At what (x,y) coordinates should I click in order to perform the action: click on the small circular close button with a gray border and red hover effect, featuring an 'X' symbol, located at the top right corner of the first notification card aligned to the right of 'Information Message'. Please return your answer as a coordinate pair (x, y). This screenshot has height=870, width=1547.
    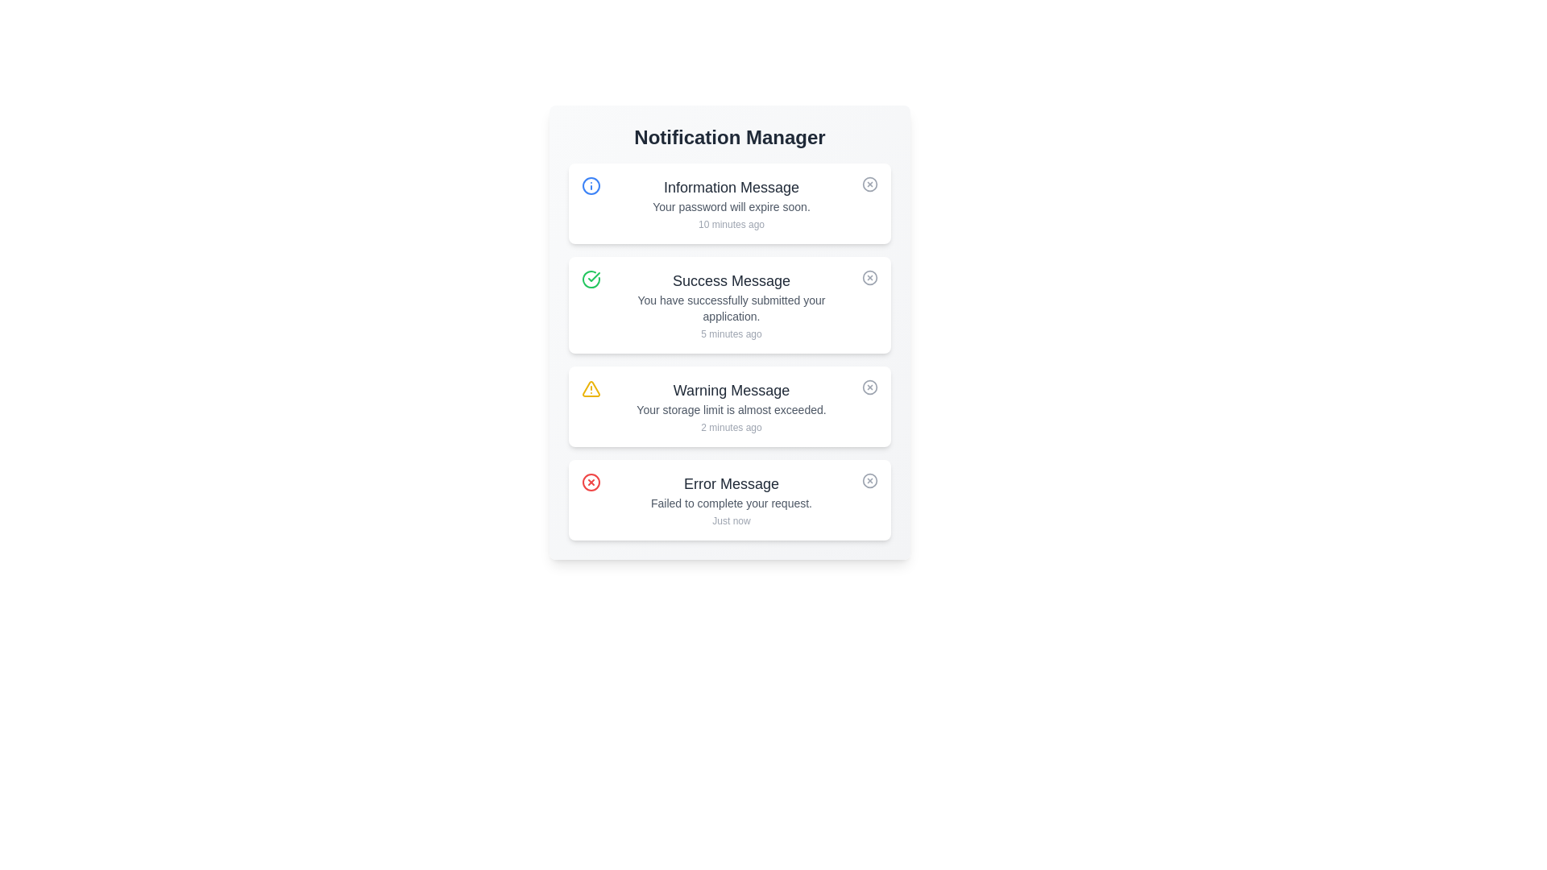
    Looking at the image, I should click on (869, 183).